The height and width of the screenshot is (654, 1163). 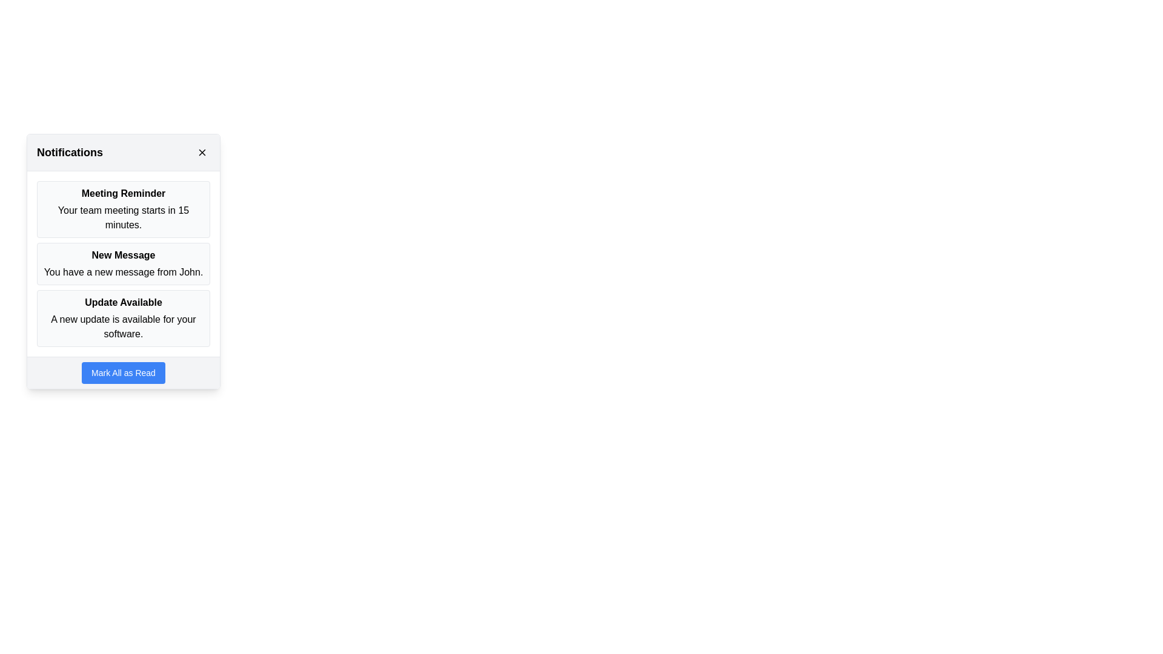 I want to click on the rectangular button with rounded edges and blue background labeled 'Mark All as Read' to trigger the hover effect, so click(x=123, y=372).